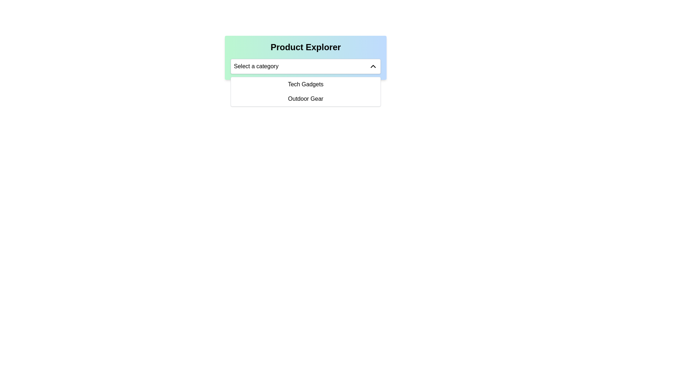 This screenshot has height=390, width=693. What do you see at coordinates (305, 99) in the screenshot?
I see `the 'Outdoor Gear' dropdown menu item, which is the second entry in the dropdown list below 'Tech Gadgets'` at bounding box center [305, 99].